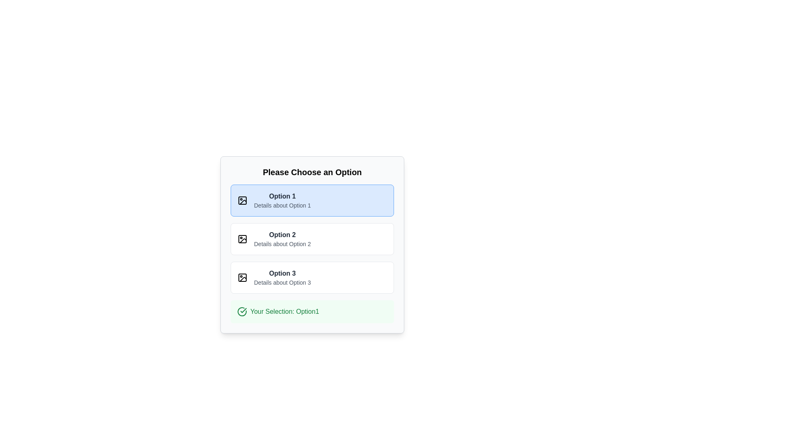 This screenshot has width=788, height=443. I want to click on the static text label for the third selectable option, which serves as the primary identifier for this option in the options list, so click(282, 273).